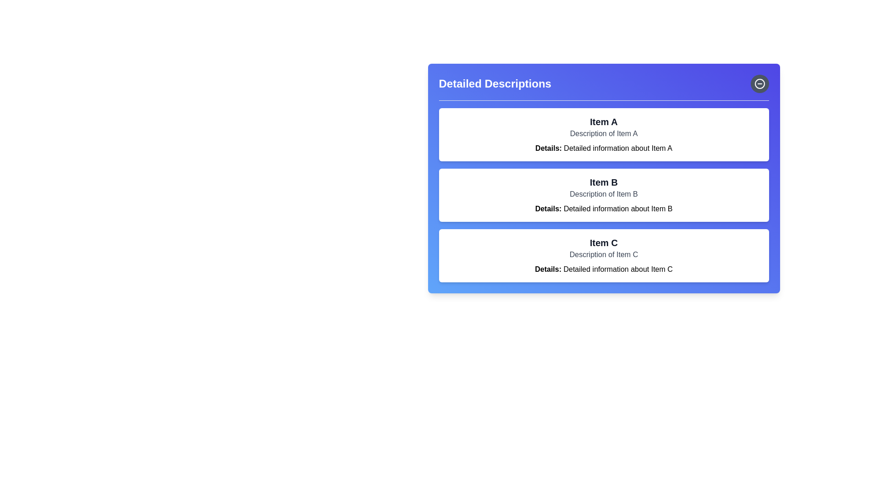 This screenshot has height=495, width=880. Describe the element at coordinates (604, 121) in the screenshot. I see `the bold text label displaying 'Item A' located at the top of the first card under the 'Detailed Descriptions' section` at that location.